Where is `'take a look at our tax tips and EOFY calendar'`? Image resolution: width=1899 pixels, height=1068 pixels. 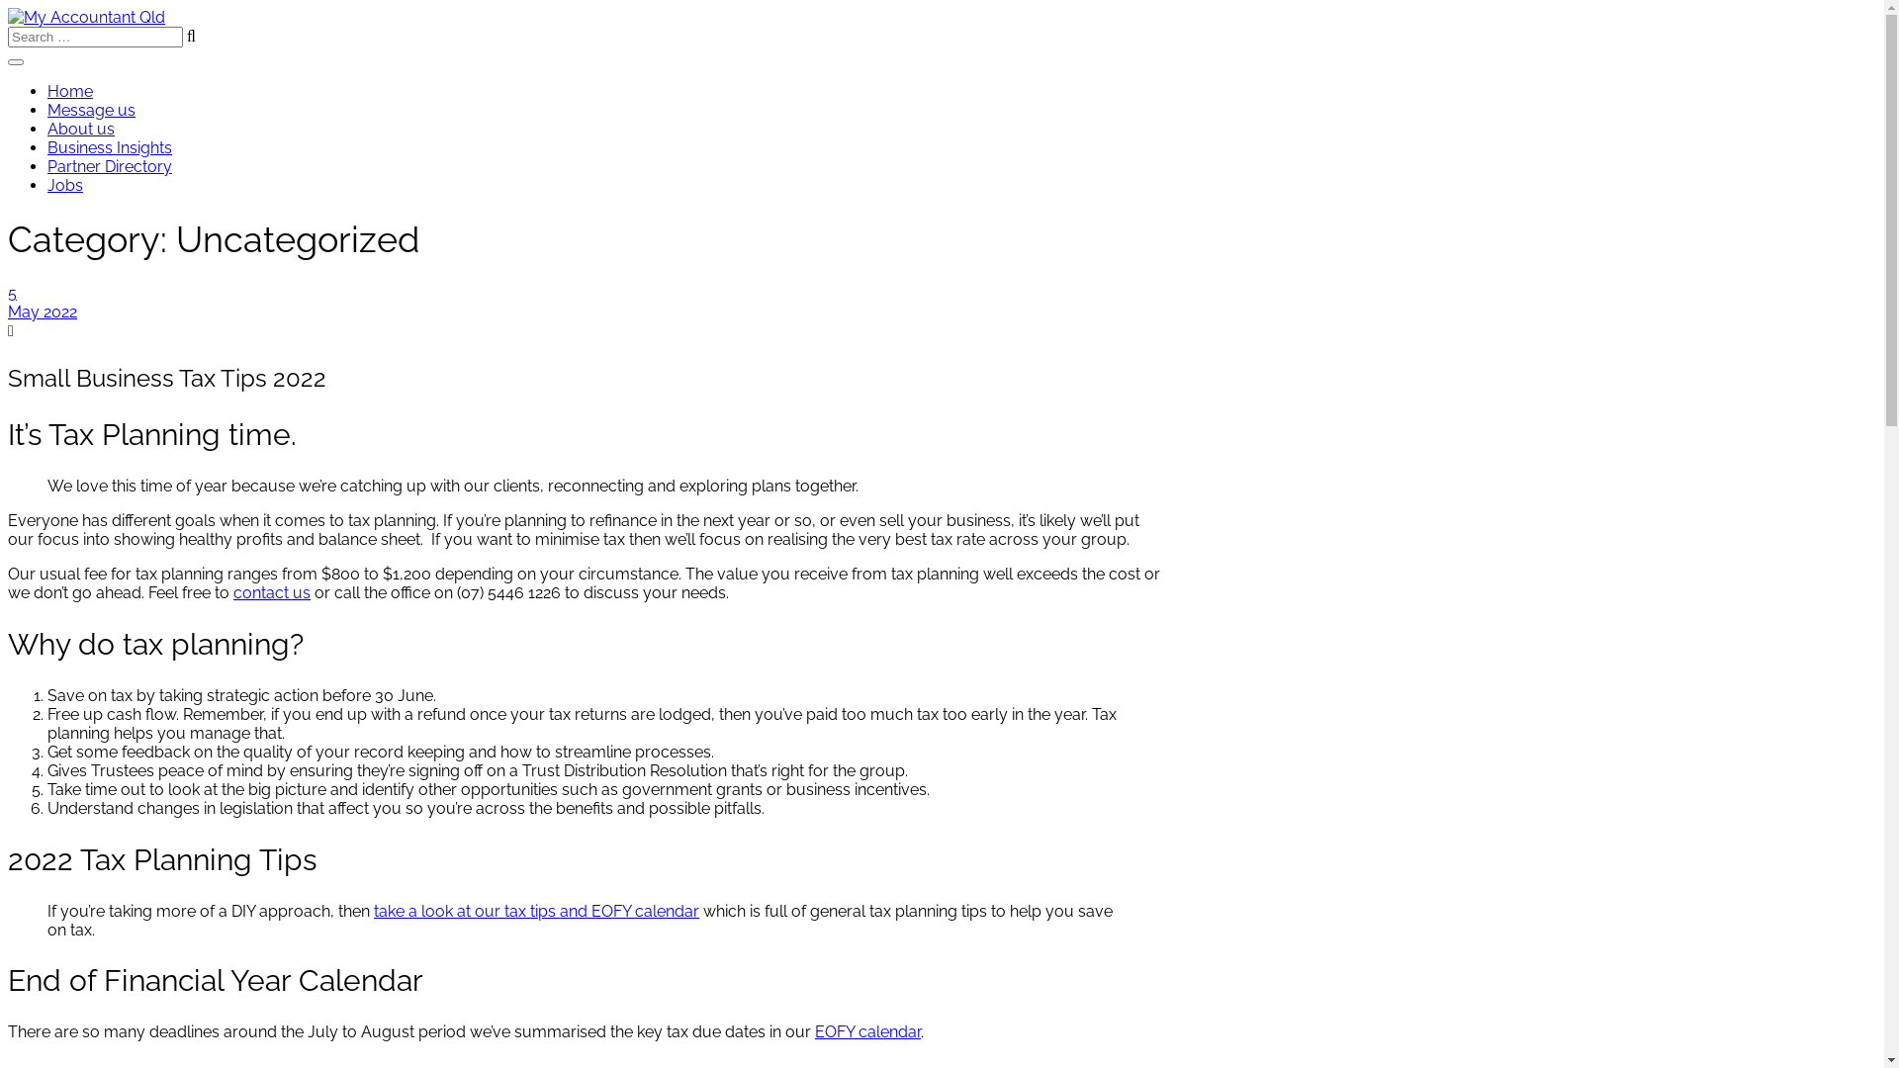 'take a look at our tax tips and EOFY calendar' is located at coordinates (536, 911).